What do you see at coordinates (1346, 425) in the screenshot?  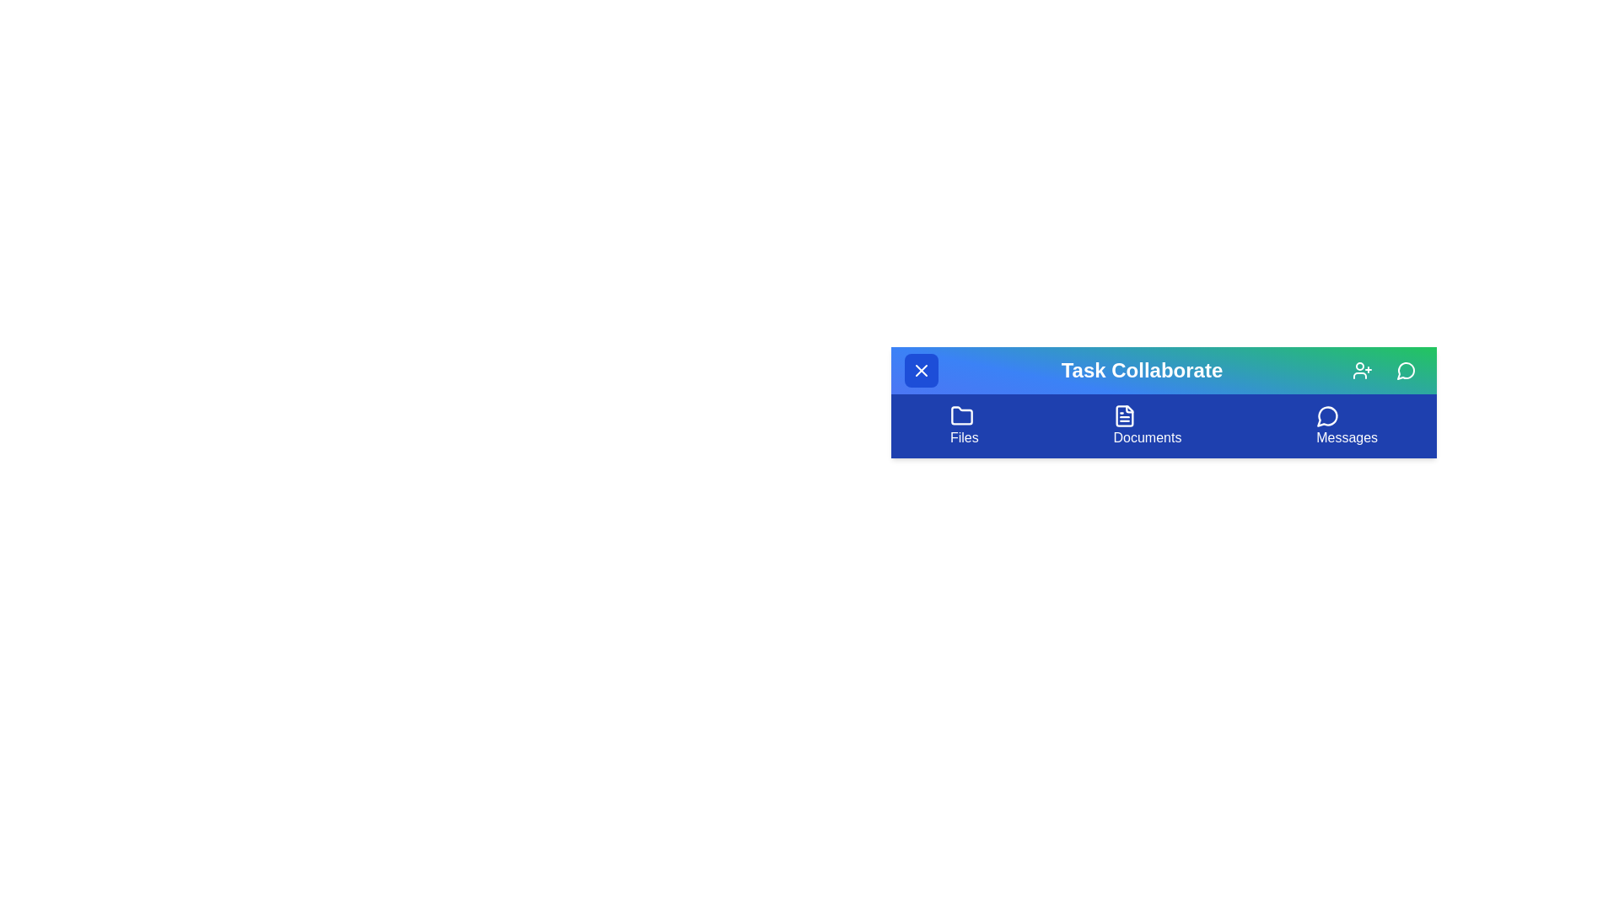 I see `the 'Messages' menu item in the navigation bar` at bounding box center [1346, 425].